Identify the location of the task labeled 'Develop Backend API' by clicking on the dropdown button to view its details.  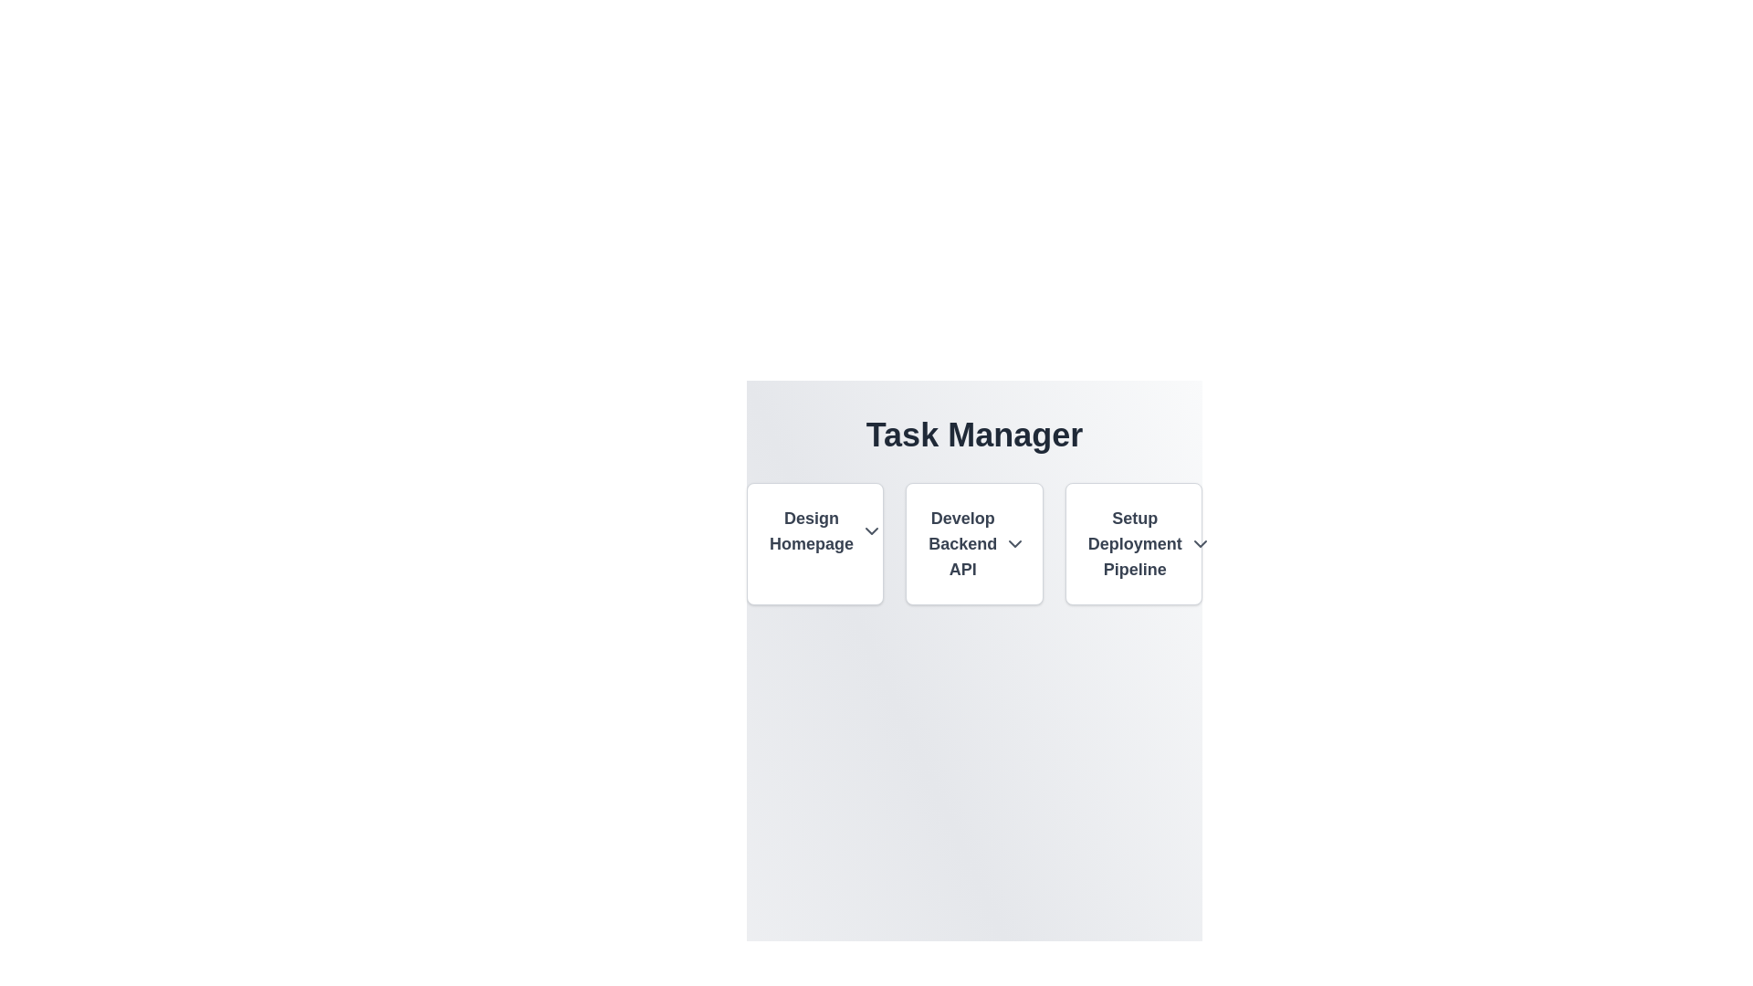
(973, 543).